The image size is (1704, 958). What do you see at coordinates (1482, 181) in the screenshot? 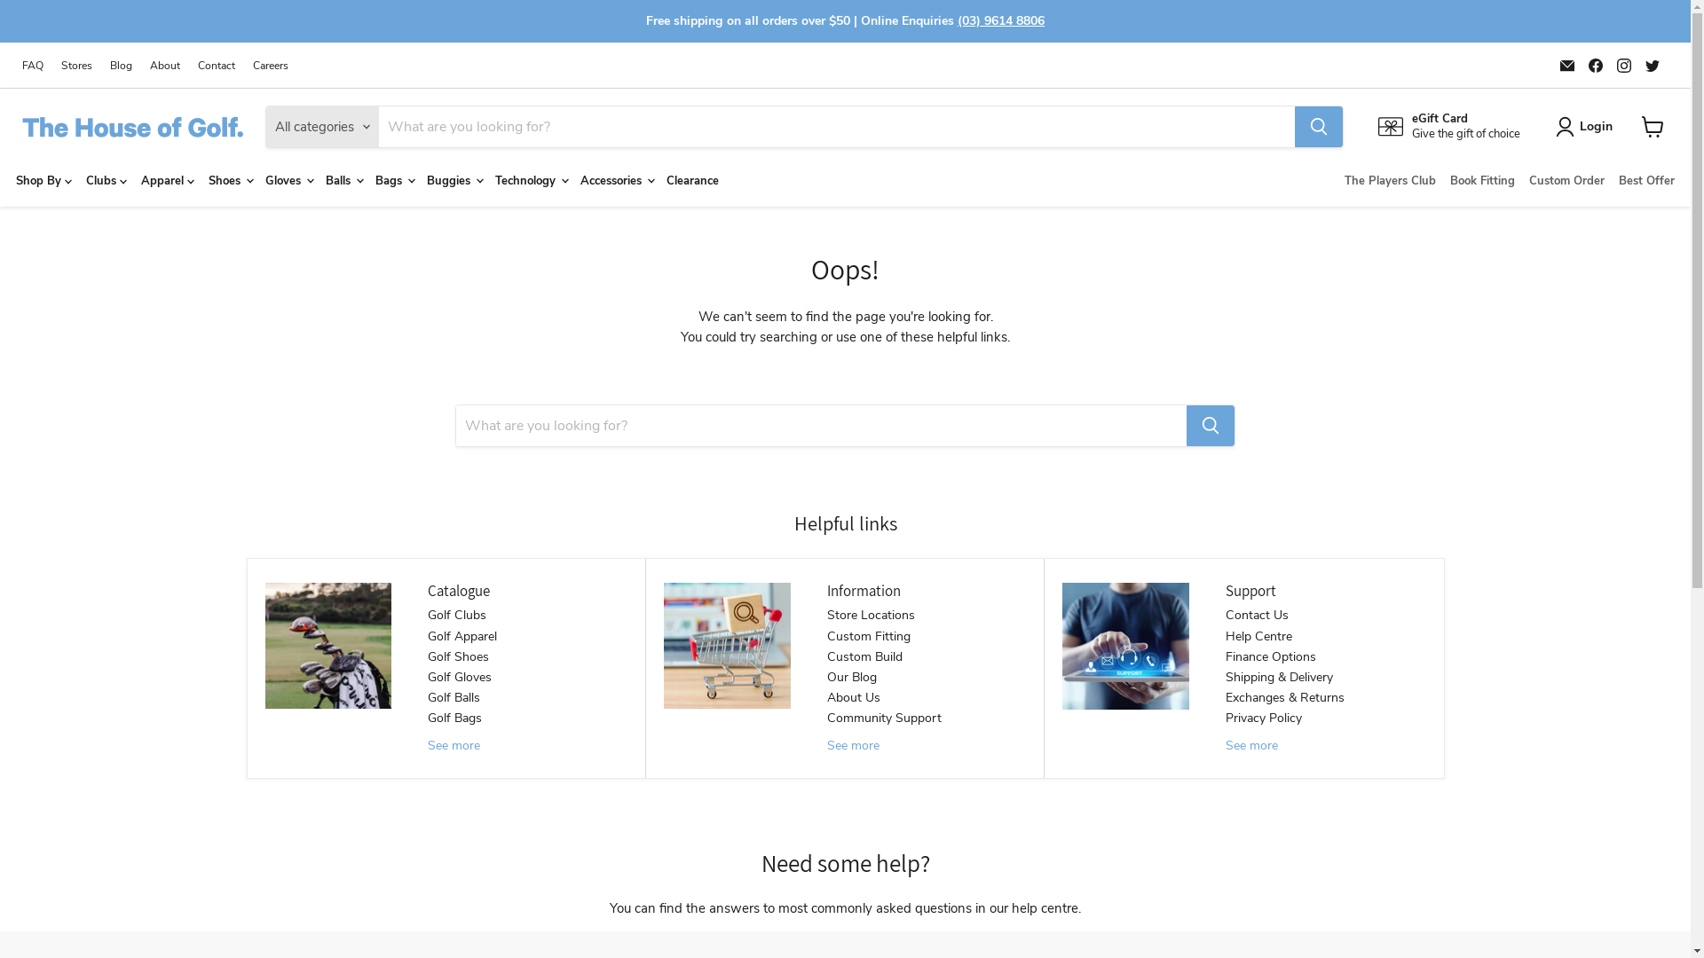
I see `'Book Fitting'` at bounding box center [1482, 181].